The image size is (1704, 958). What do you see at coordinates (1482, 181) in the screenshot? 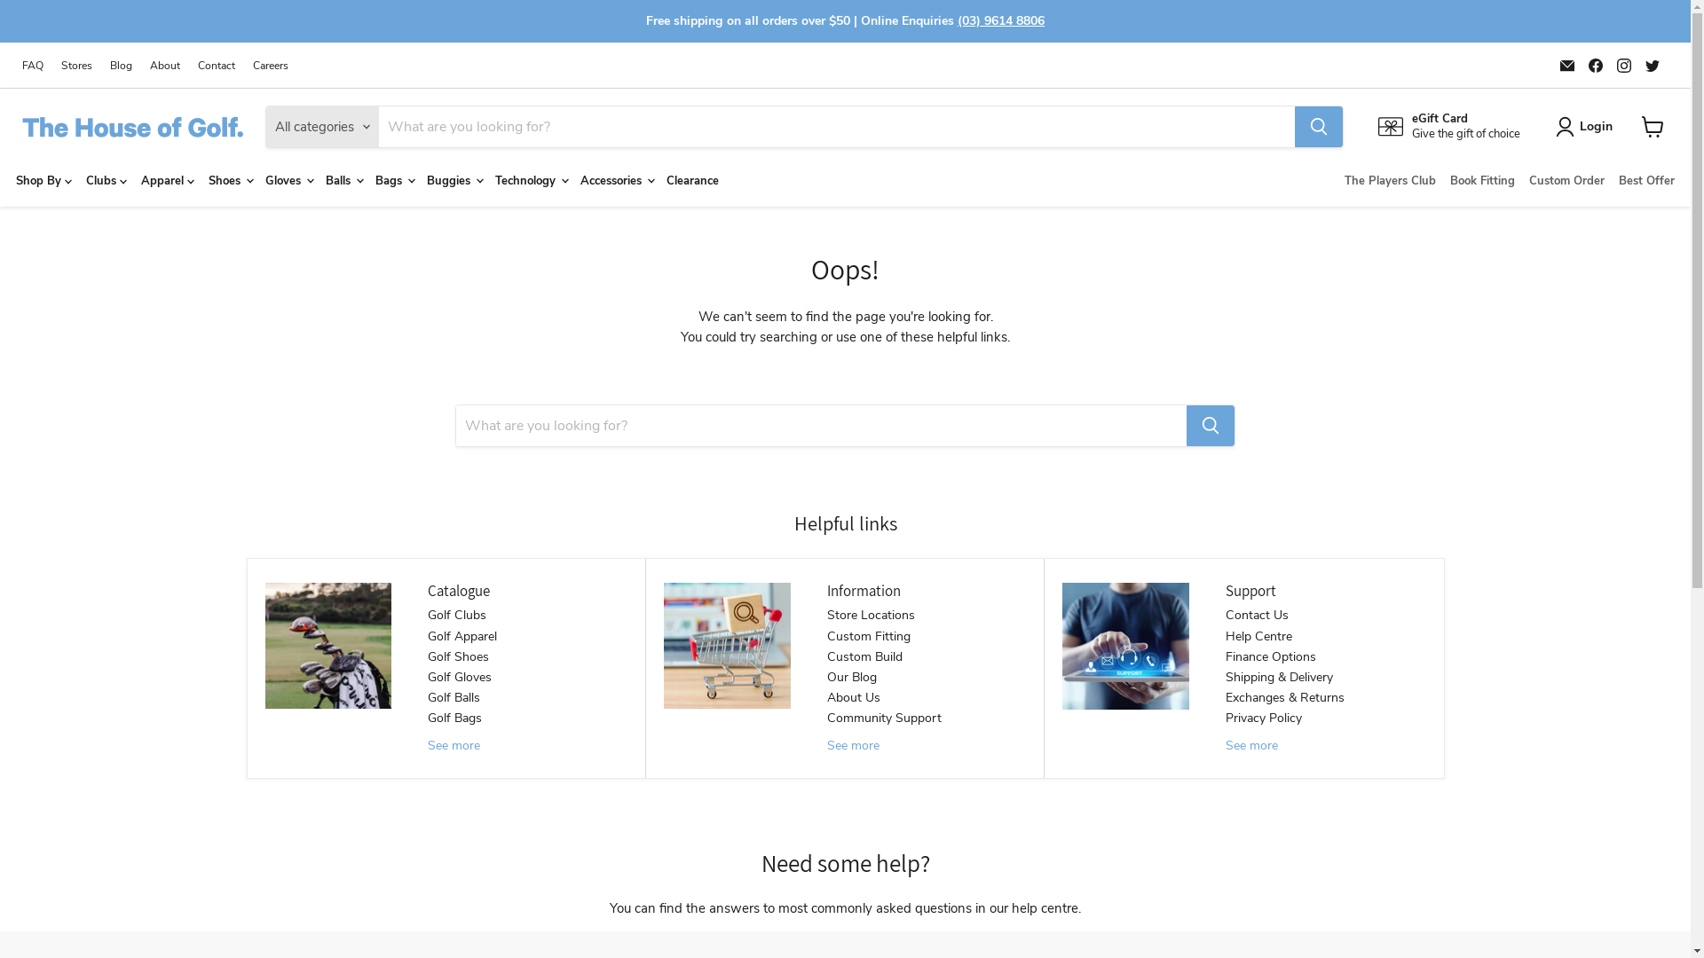
I see `'Book Fitting'` at bounding box center [1482, 181].